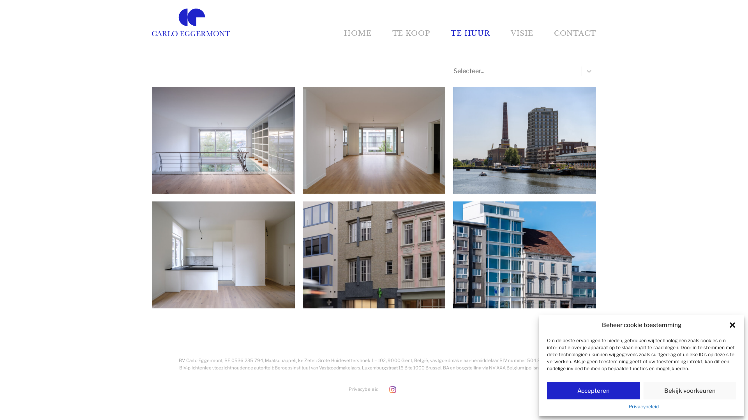 The width and height of the screenshot is (748, 420). What do you see at coordinates (593, 390) in the screenshot?
I see `'Accepteren'` at bounding box center [593, 390].